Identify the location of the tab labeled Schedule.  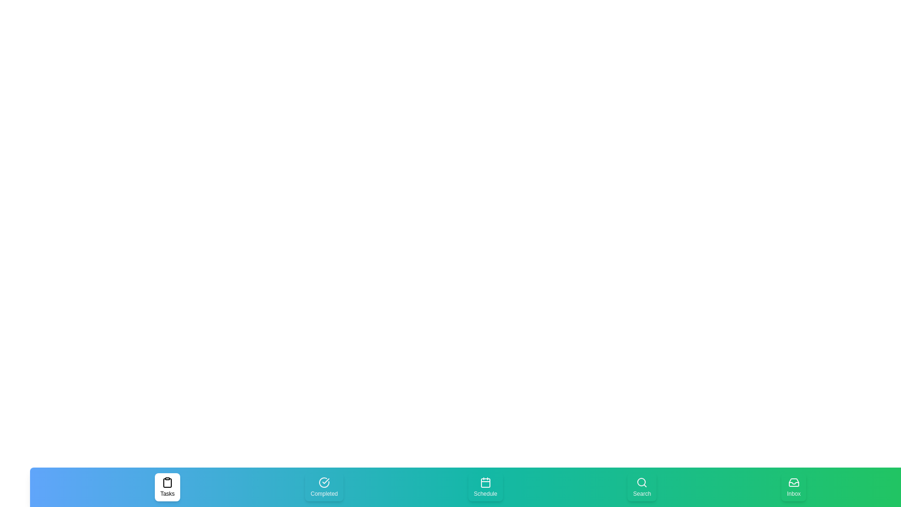
(485, 486).